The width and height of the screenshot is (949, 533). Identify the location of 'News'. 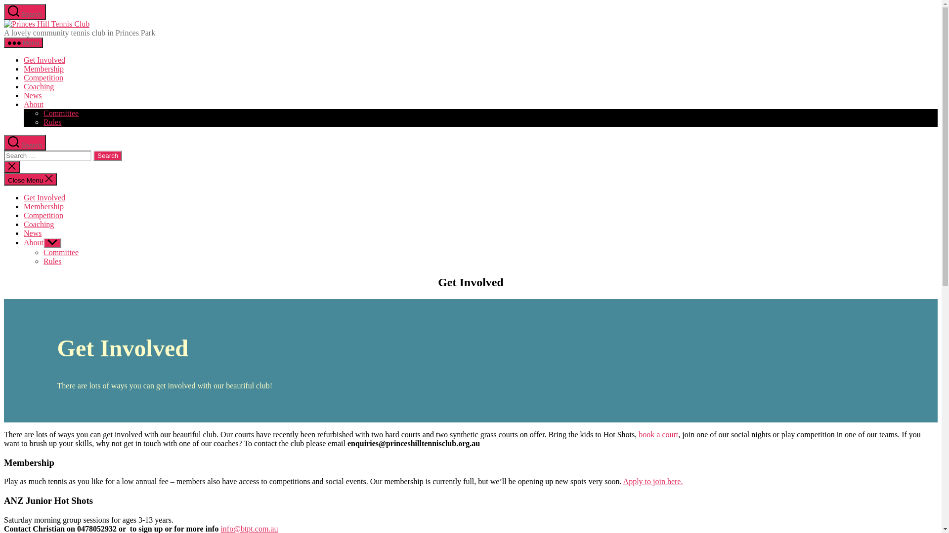
(33, 233).